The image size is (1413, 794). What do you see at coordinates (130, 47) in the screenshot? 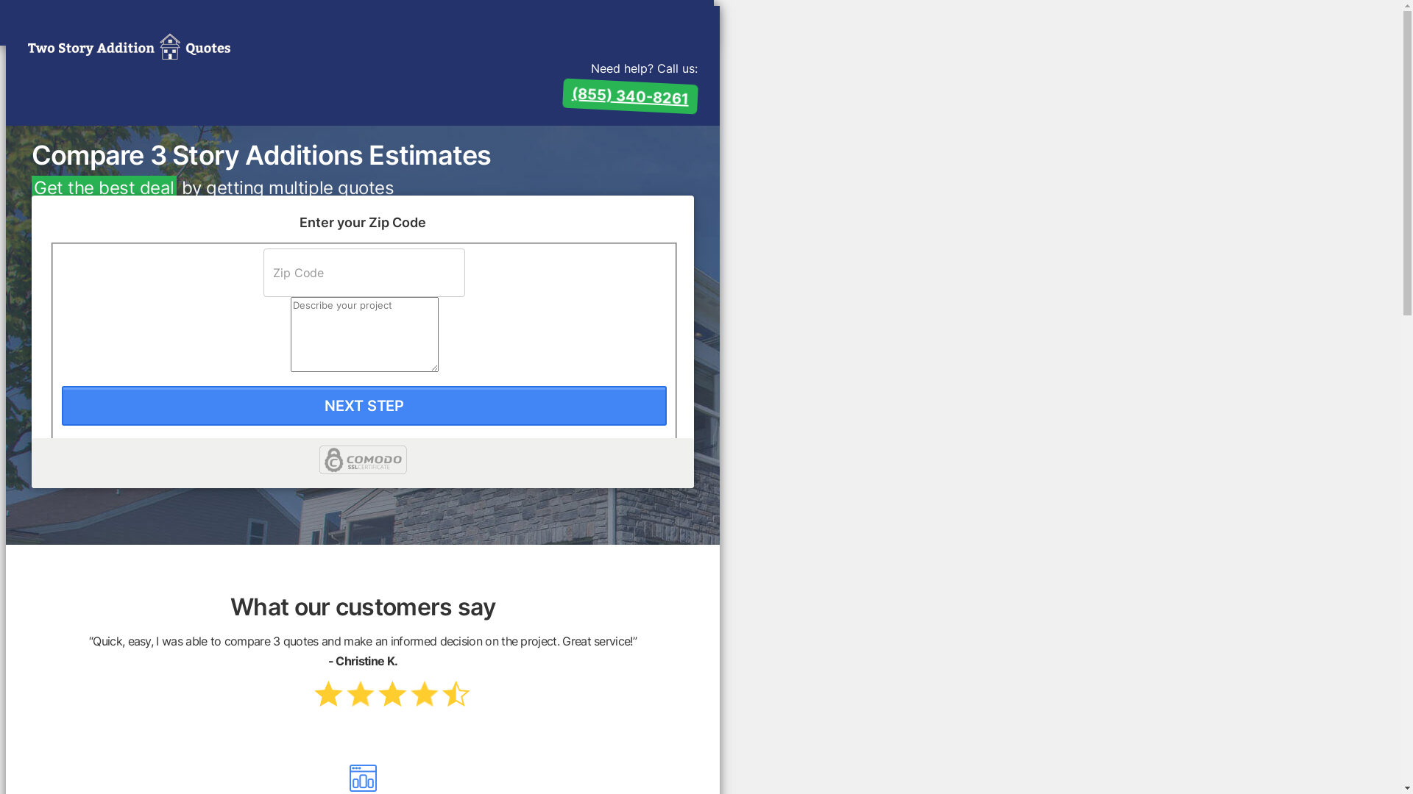
I see `'2 Story Addition Quotes'` at bounding box center [130, 47].